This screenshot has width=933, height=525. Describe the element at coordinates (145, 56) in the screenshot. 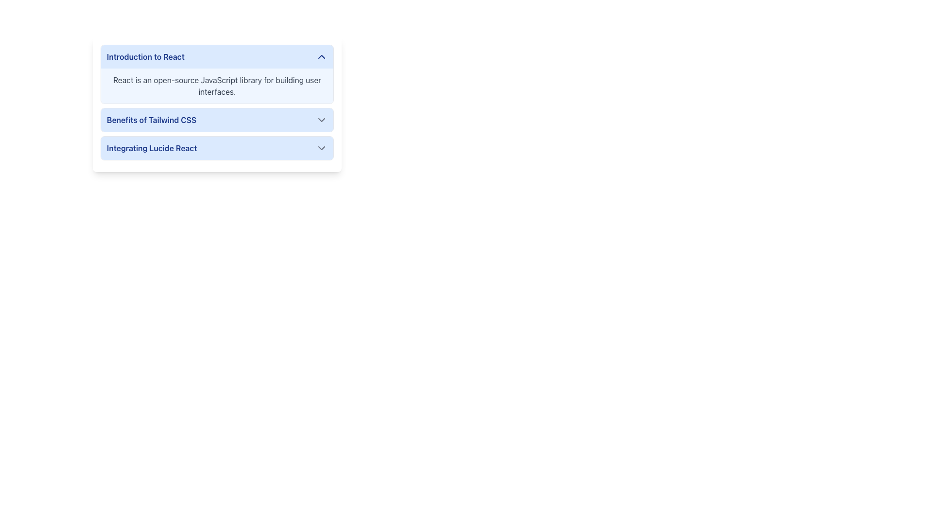

I see `the text label reading 'Introduction to React', which is styled in bold dark blue against a light blue background, located at the top of the first collapsible section` at that location.